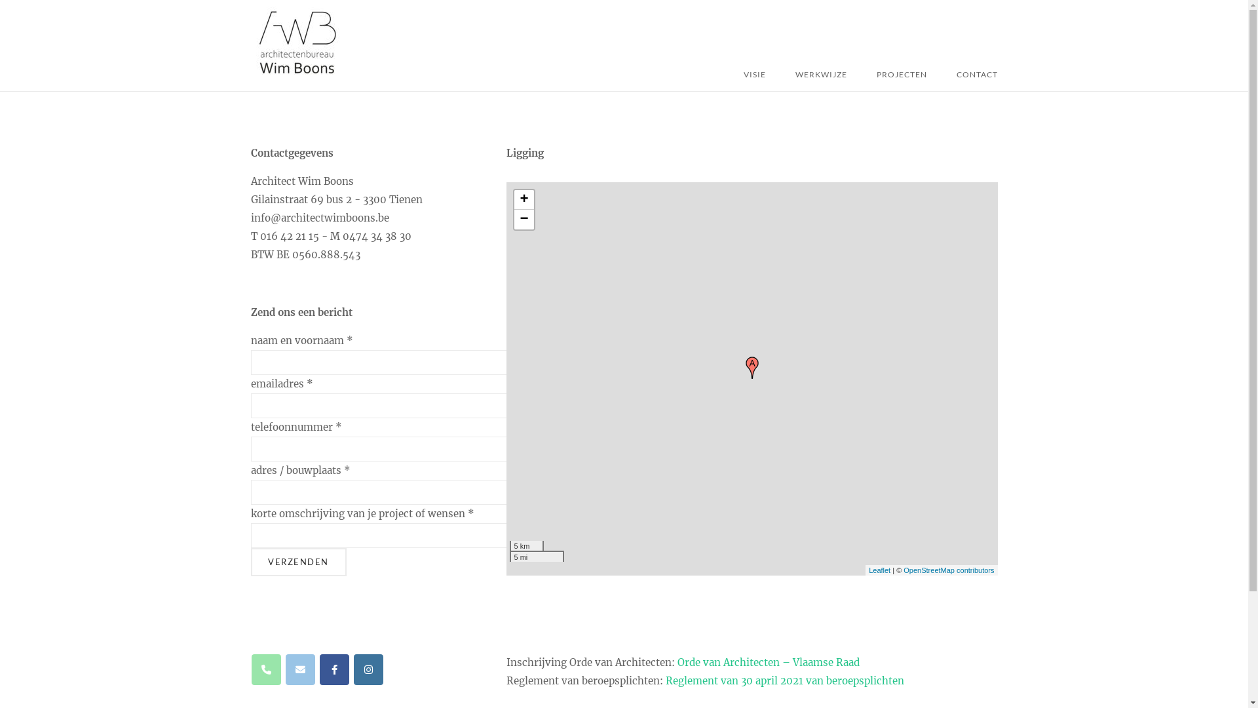 This screenshot has width=1258, height=708. What do you see at coordinates (820, 75) in the screenshot?
I see `'WERKWIJZE'` at bounding box center [820, 75].